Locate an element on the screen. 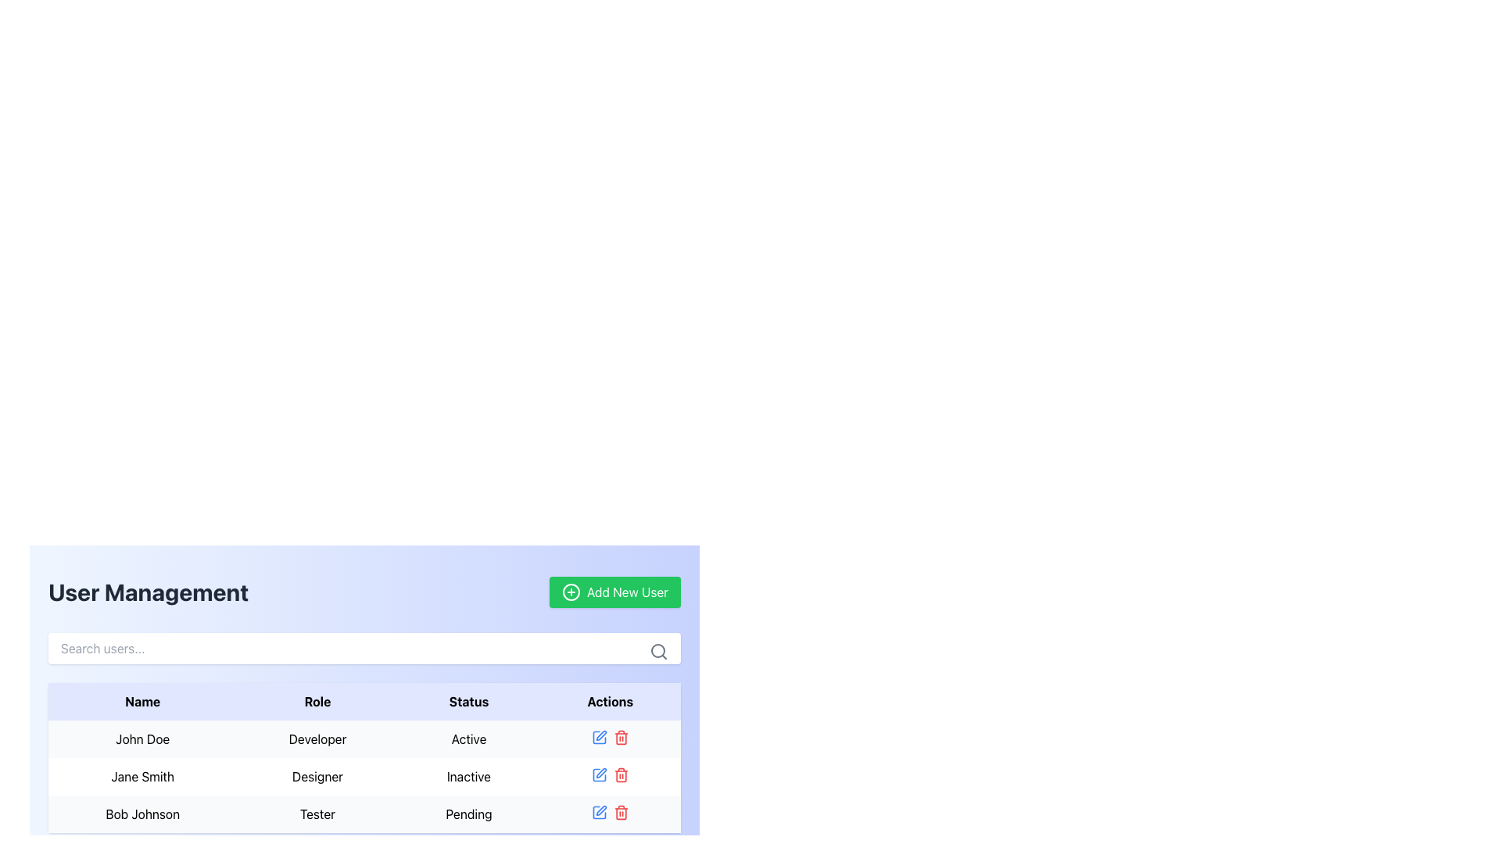 This screenshot has height=844, width=1501. the red trash bin icon is located at coordinates (620, 774).